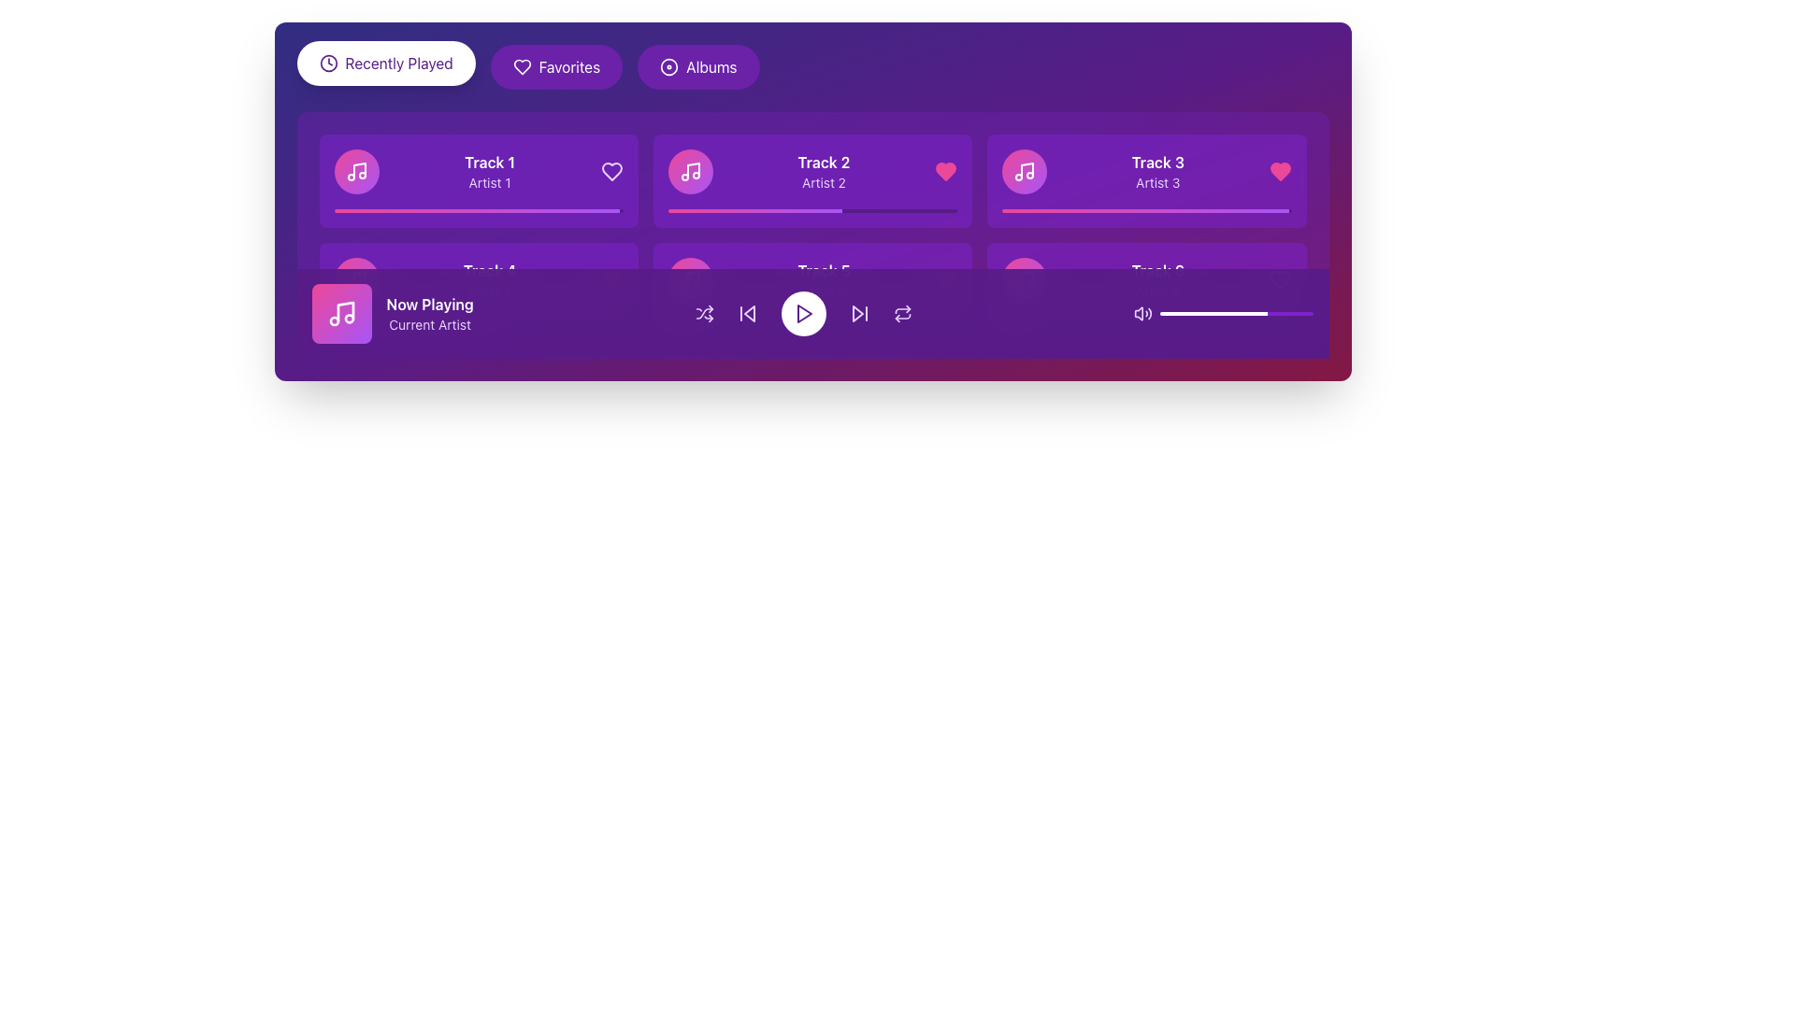  I want to click on the SVG circle graphic that represents the 'Albums' category in the navigation bar, so click(669, 66).